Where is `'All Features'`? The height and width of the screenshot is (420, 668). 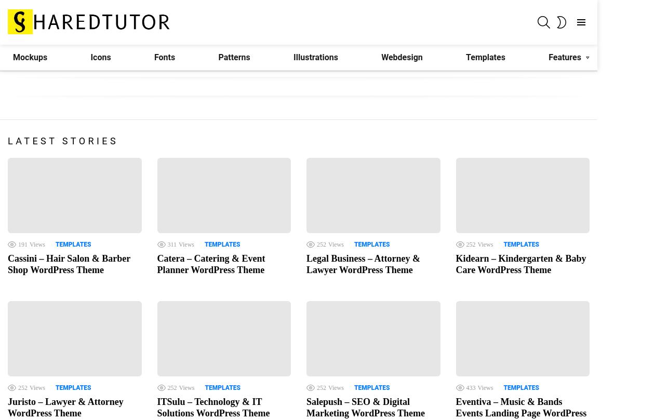 'All Features' is located at coordinates (571, 109).